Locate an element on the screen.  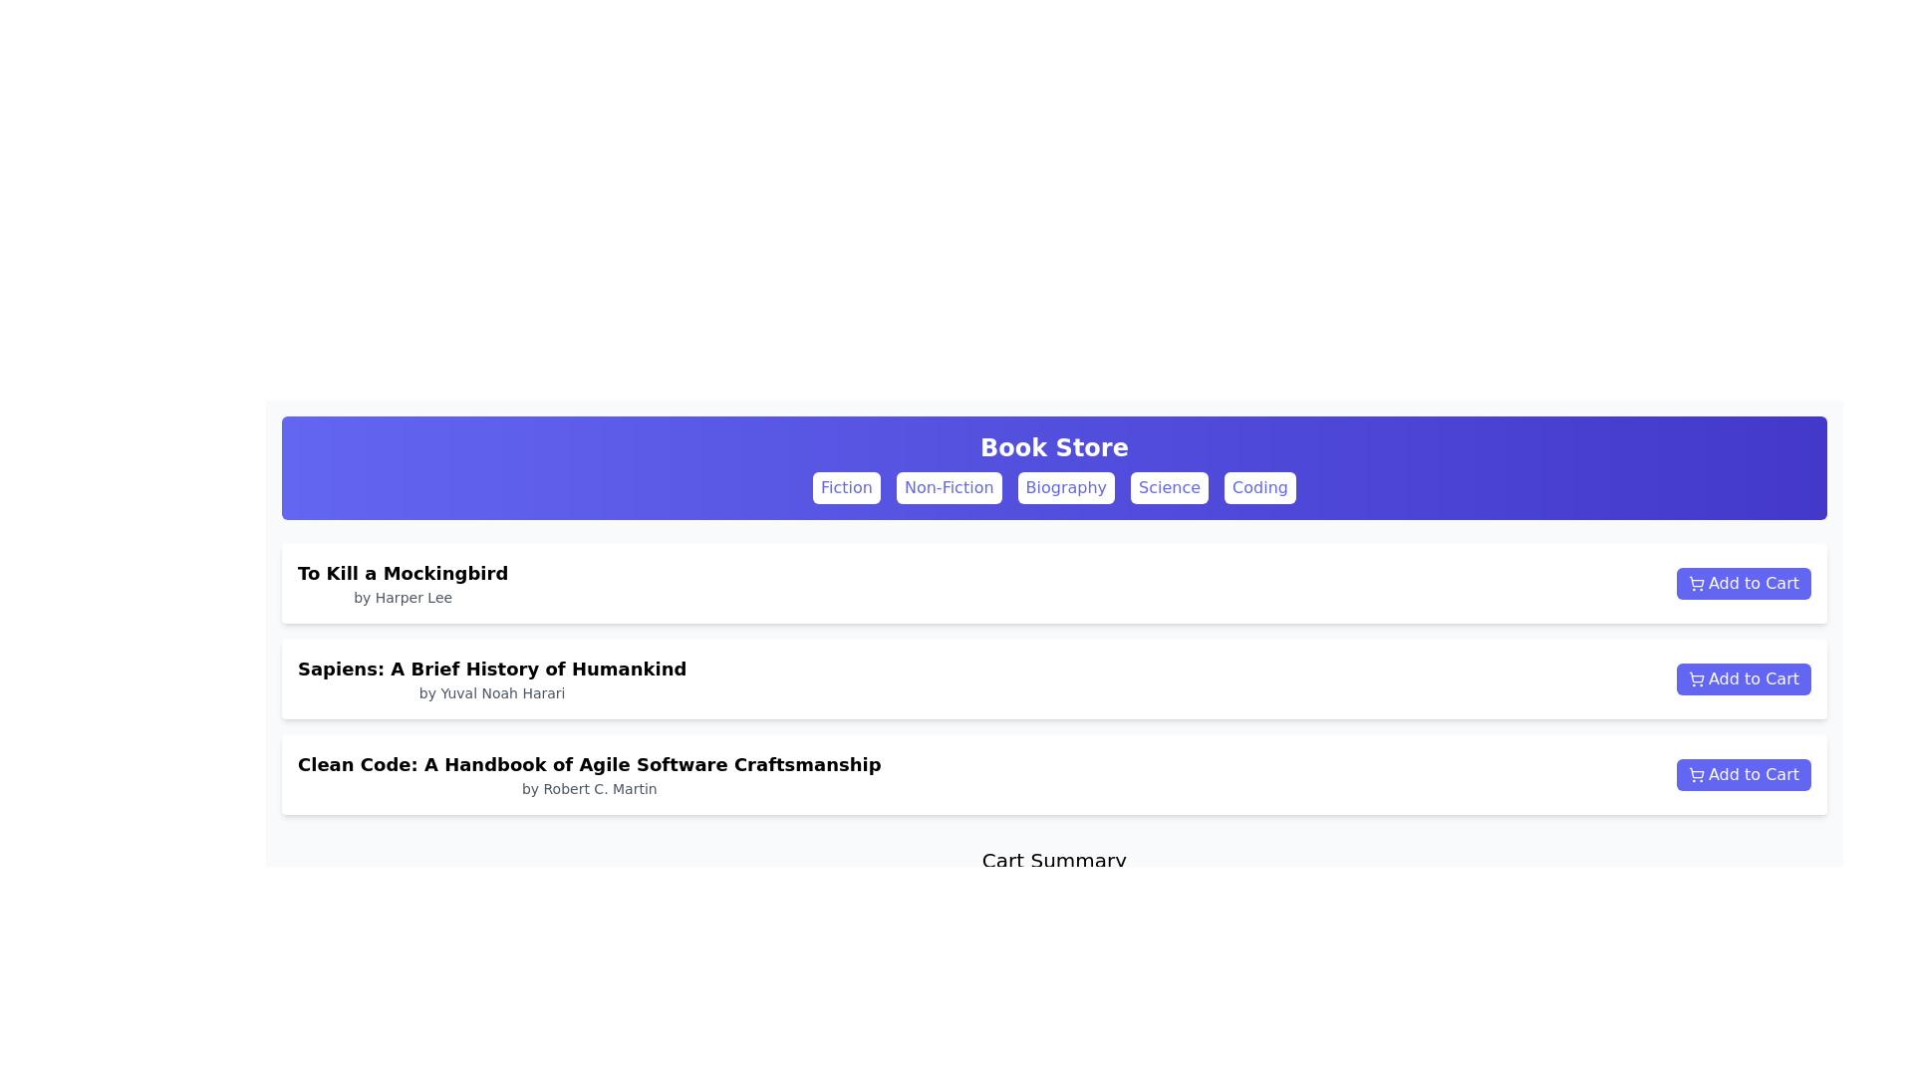
the 'Add to Cart' button is located at coordinates (1743, 774).